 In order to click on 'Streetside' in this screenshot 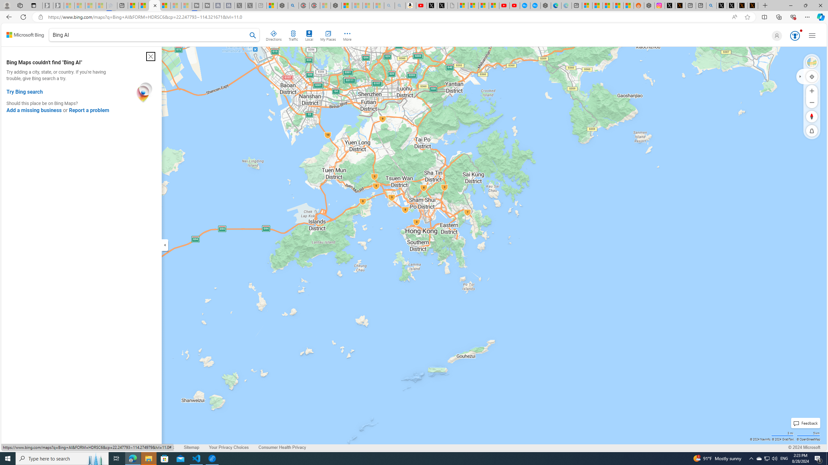, I will do `click(812, 62)`.